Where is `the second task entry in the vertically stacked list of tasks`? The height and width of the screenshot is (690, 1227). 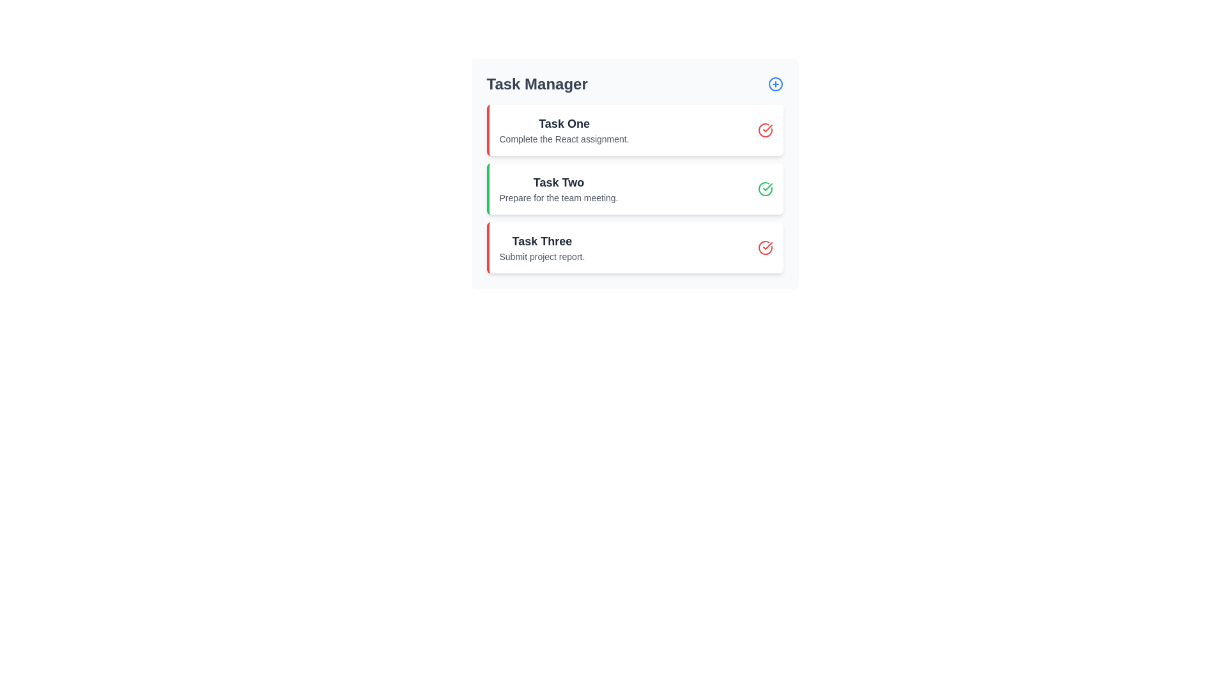 the second task entry in the vertically stacked list of tasks is located at coordinates (559, 189).